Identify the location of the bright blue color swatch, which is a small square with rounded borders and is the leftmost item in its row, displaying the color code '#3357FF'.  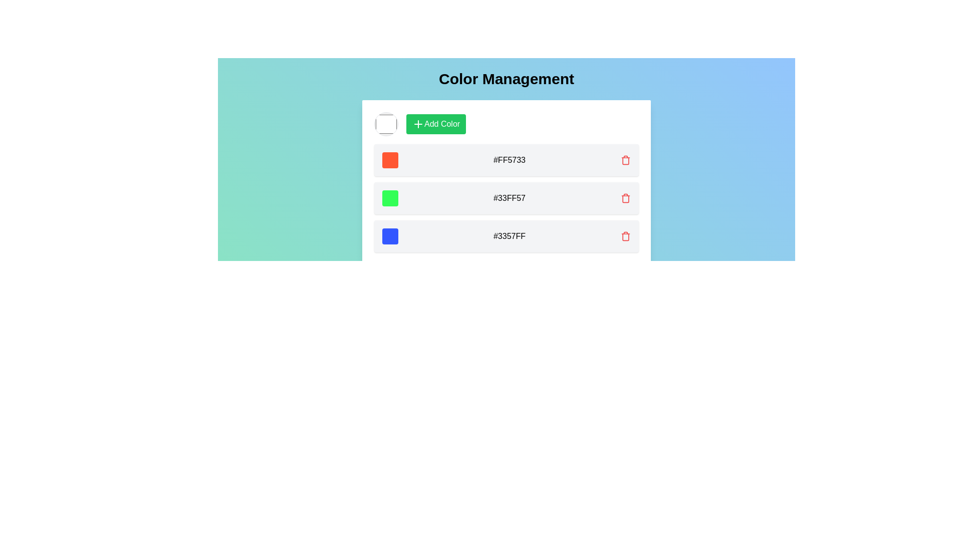
(389, 236).